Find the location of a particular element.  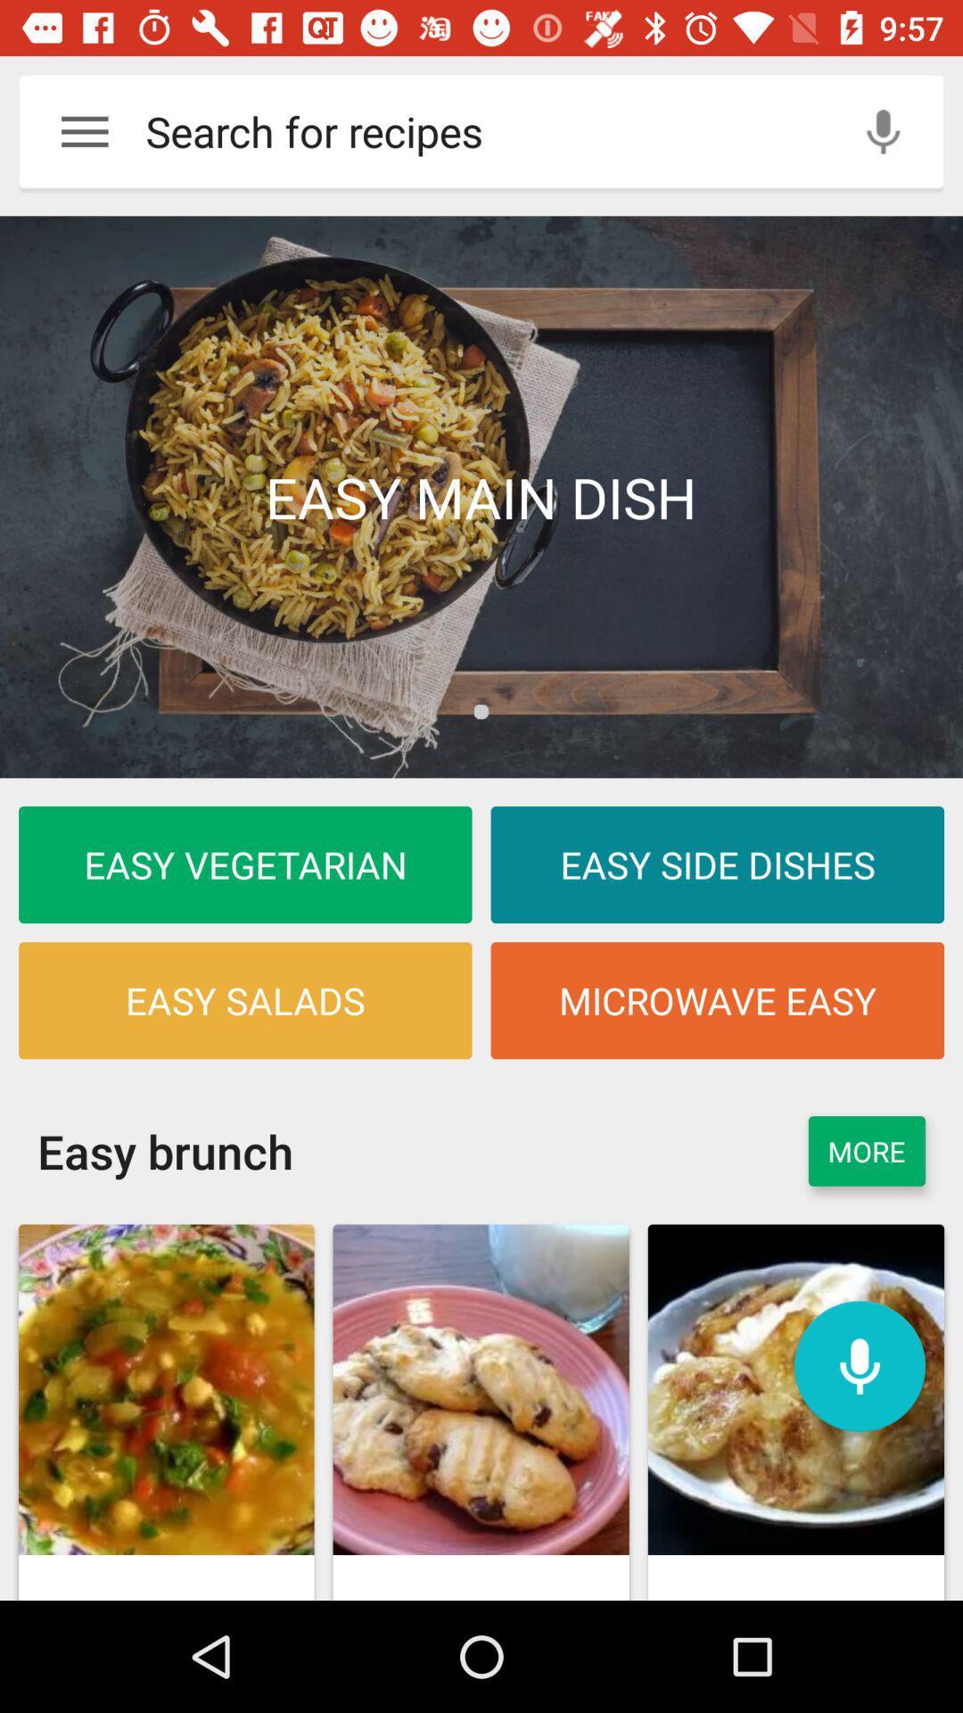

the microphone icon is located at coordinates (883, 130).